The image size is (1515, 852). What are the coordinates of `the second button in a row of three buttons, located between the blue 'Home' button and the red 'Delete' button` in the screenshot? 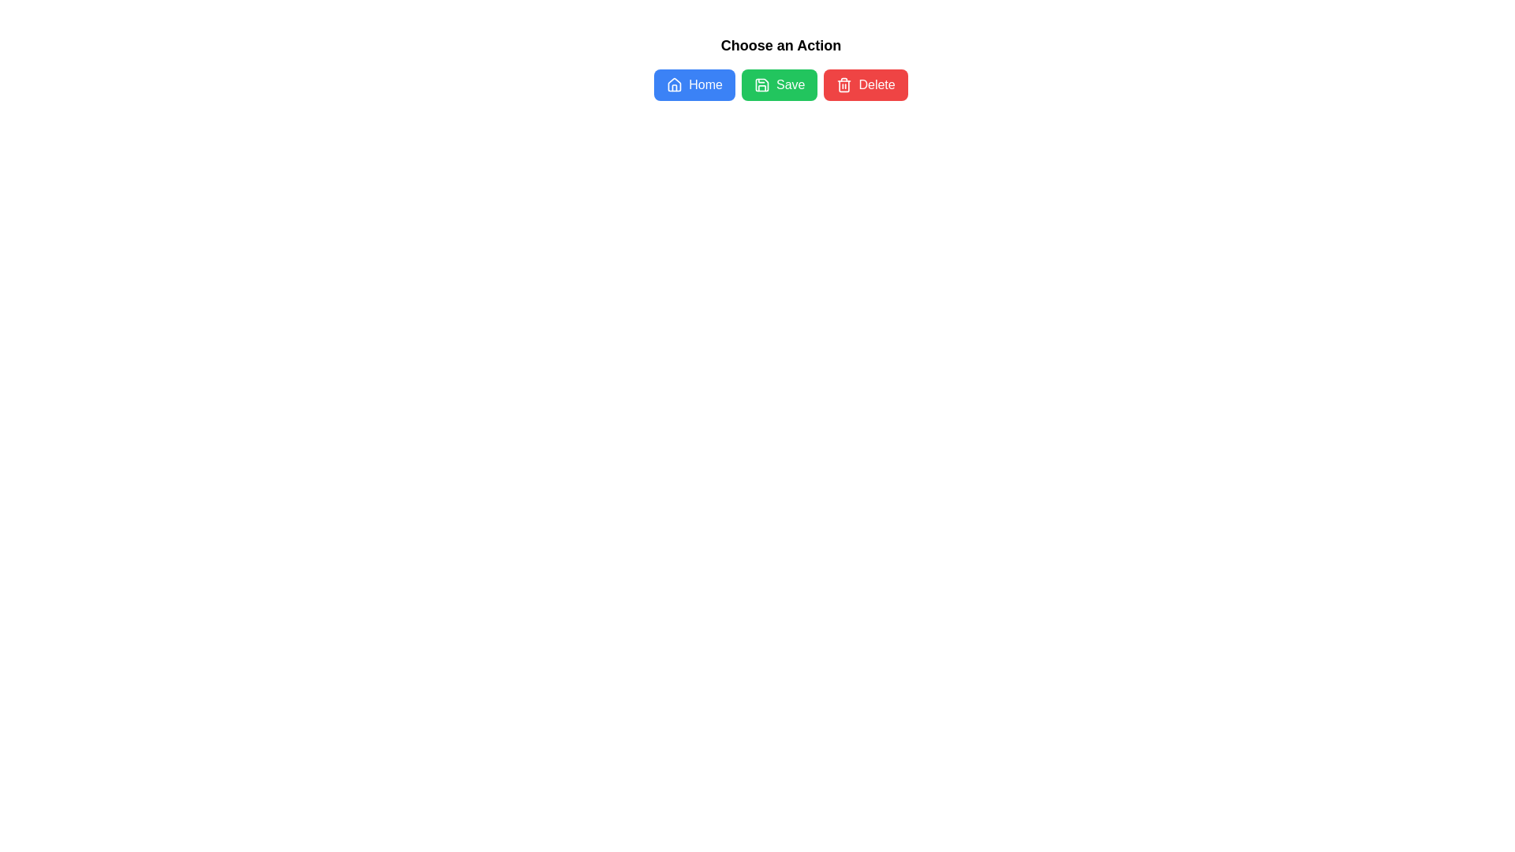 It's located at (780, 85).